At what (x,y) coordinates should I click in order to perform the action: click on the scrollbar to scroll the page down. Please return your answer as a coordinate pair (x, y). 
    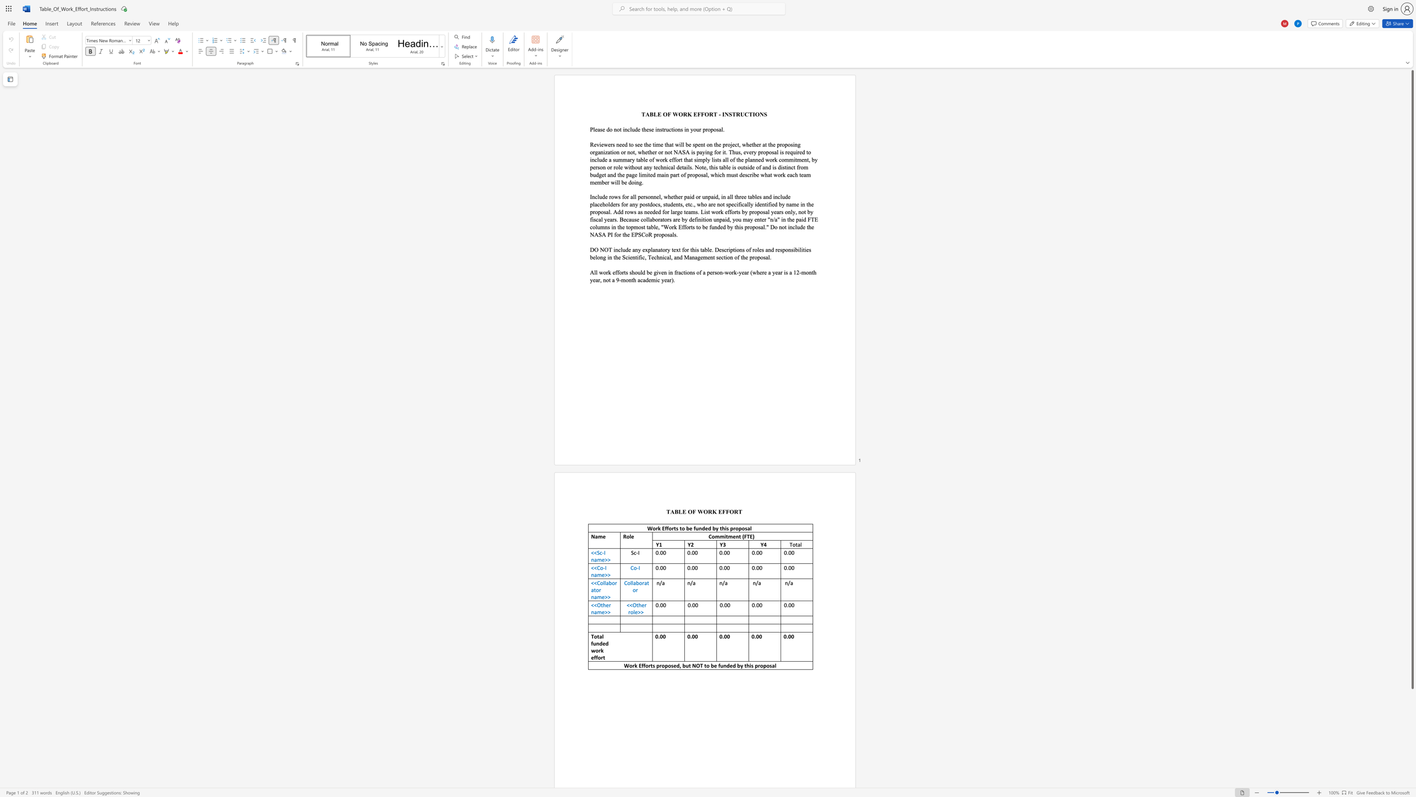
    Looking at the image, I should click on (1412, 716).